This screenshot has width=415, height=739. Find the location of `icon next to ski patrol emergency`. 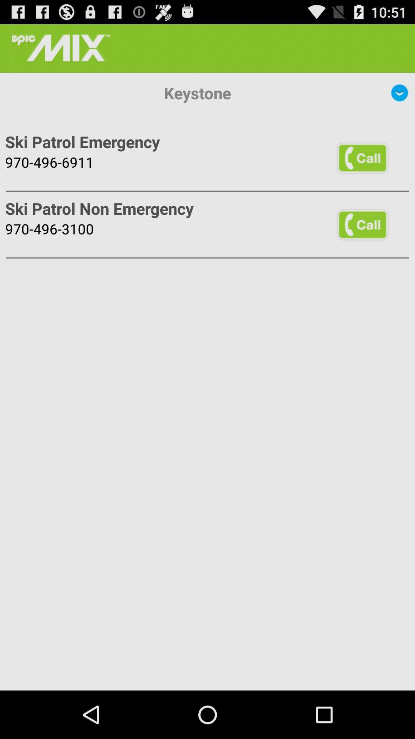

icon next to ski patrol emergency is located at coordinates (362, 157).